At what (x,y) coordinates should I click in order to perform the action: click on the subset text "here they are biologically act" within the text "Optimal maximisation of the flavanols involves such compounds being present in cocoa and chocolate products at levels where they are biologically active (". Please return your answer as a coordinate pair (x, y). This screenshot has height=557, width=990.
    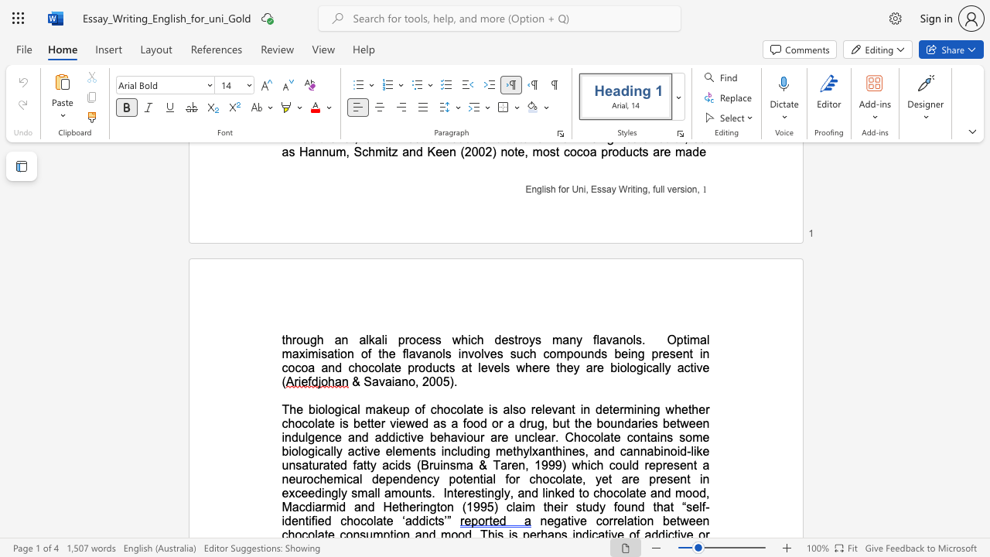
    Looking at the image, I should click on (525, 367).